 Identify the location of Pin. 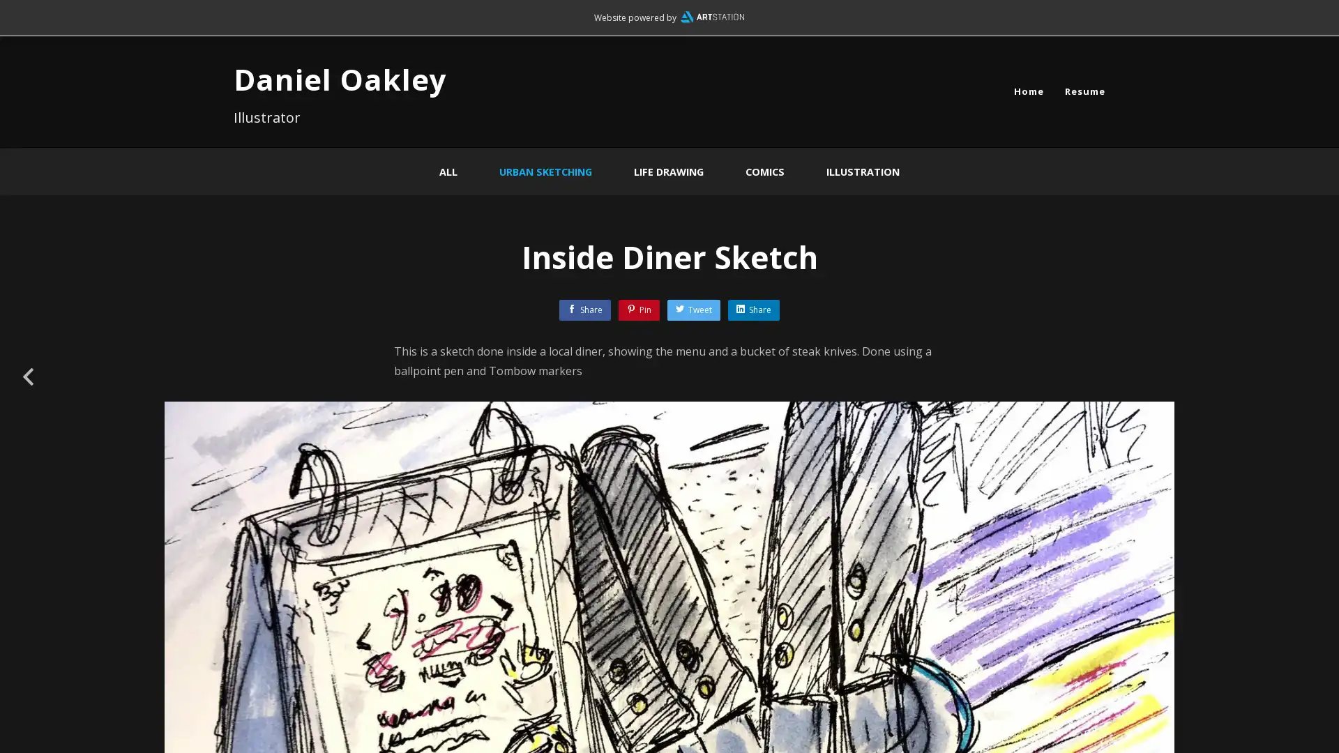
(638, 309).